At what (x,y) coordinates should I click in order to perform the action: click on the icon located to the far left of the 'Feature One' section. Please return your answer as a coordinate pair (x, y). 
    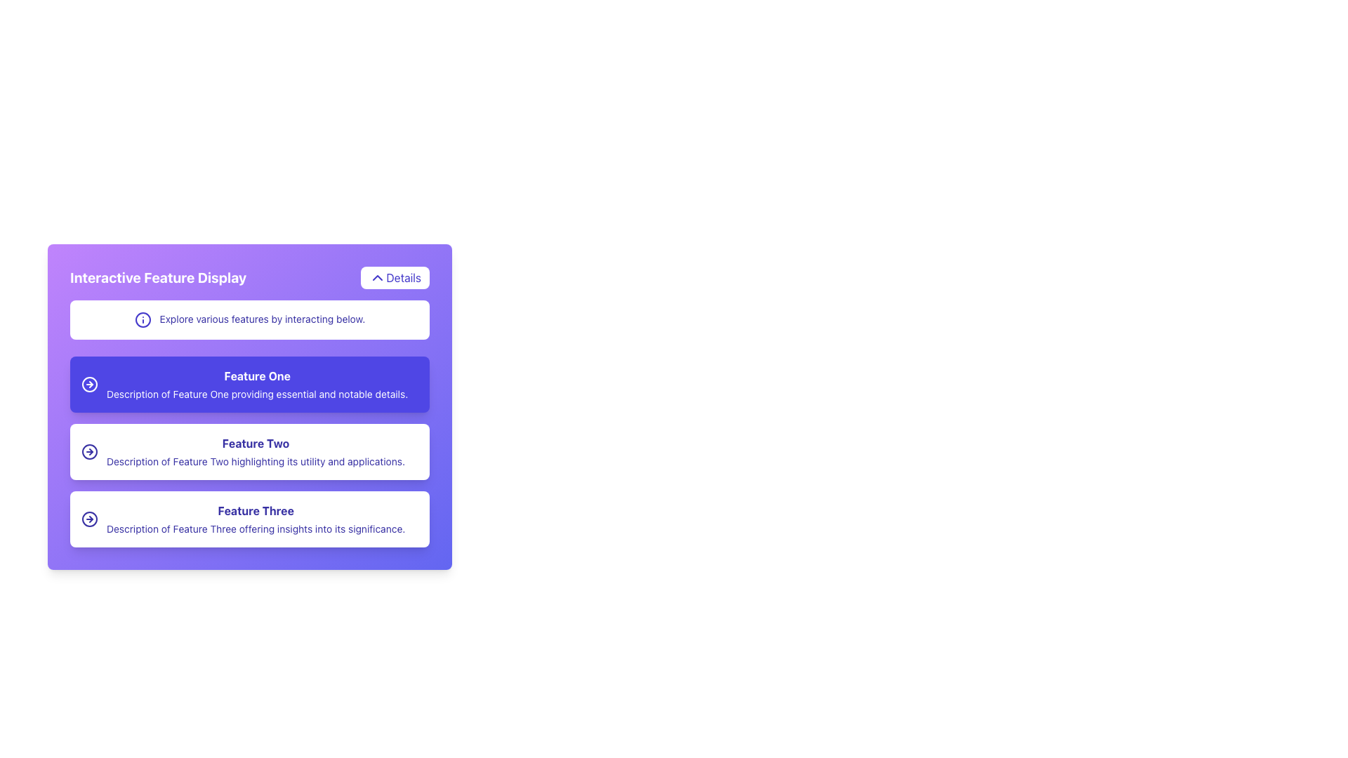
    Looking at the image, I should click on (89, 384).